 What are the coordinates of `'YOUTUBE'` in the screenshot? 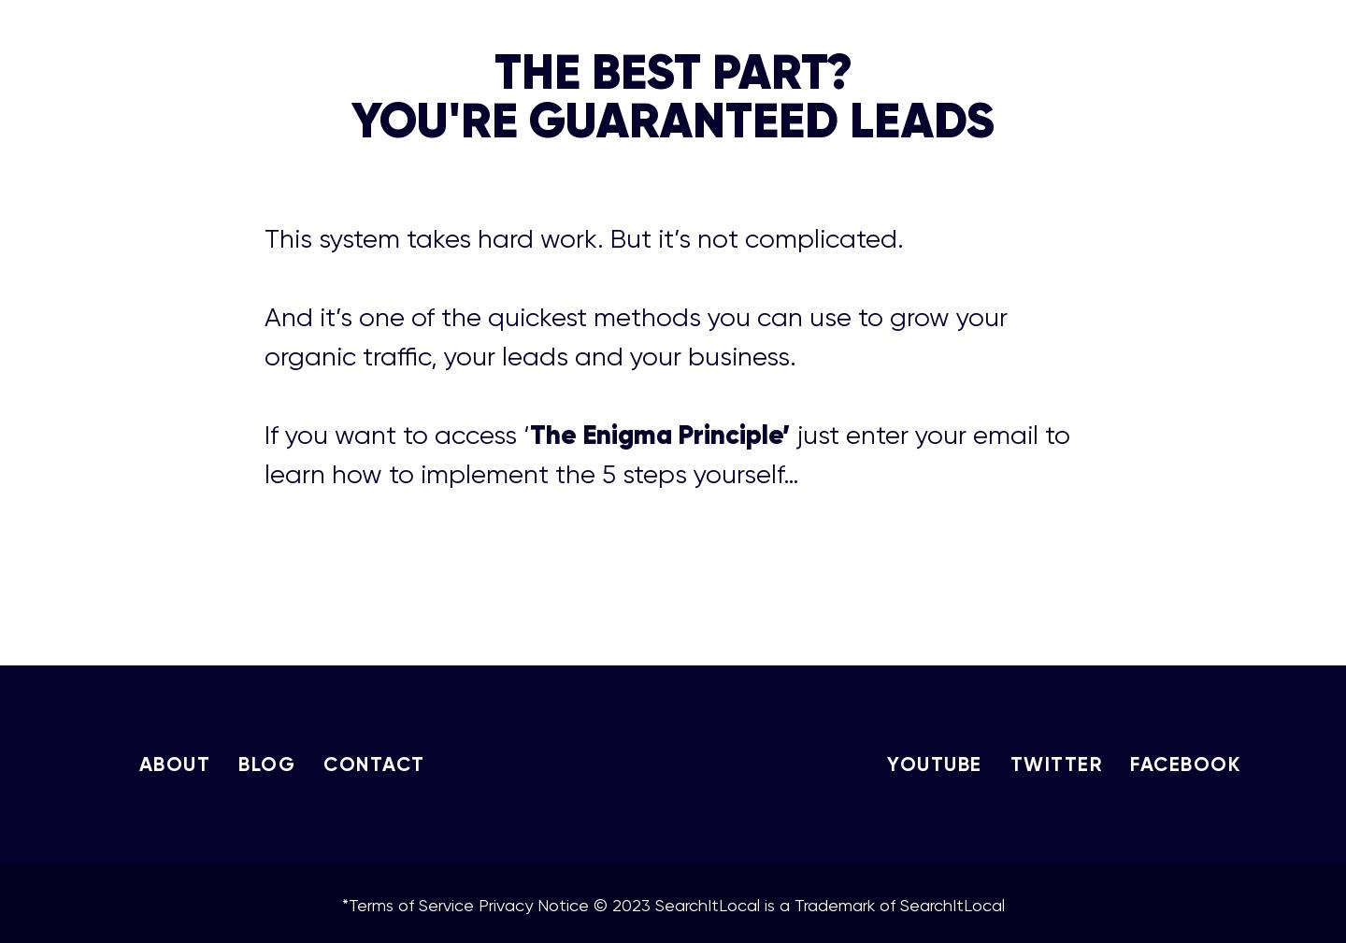 It's located at (933, 763).